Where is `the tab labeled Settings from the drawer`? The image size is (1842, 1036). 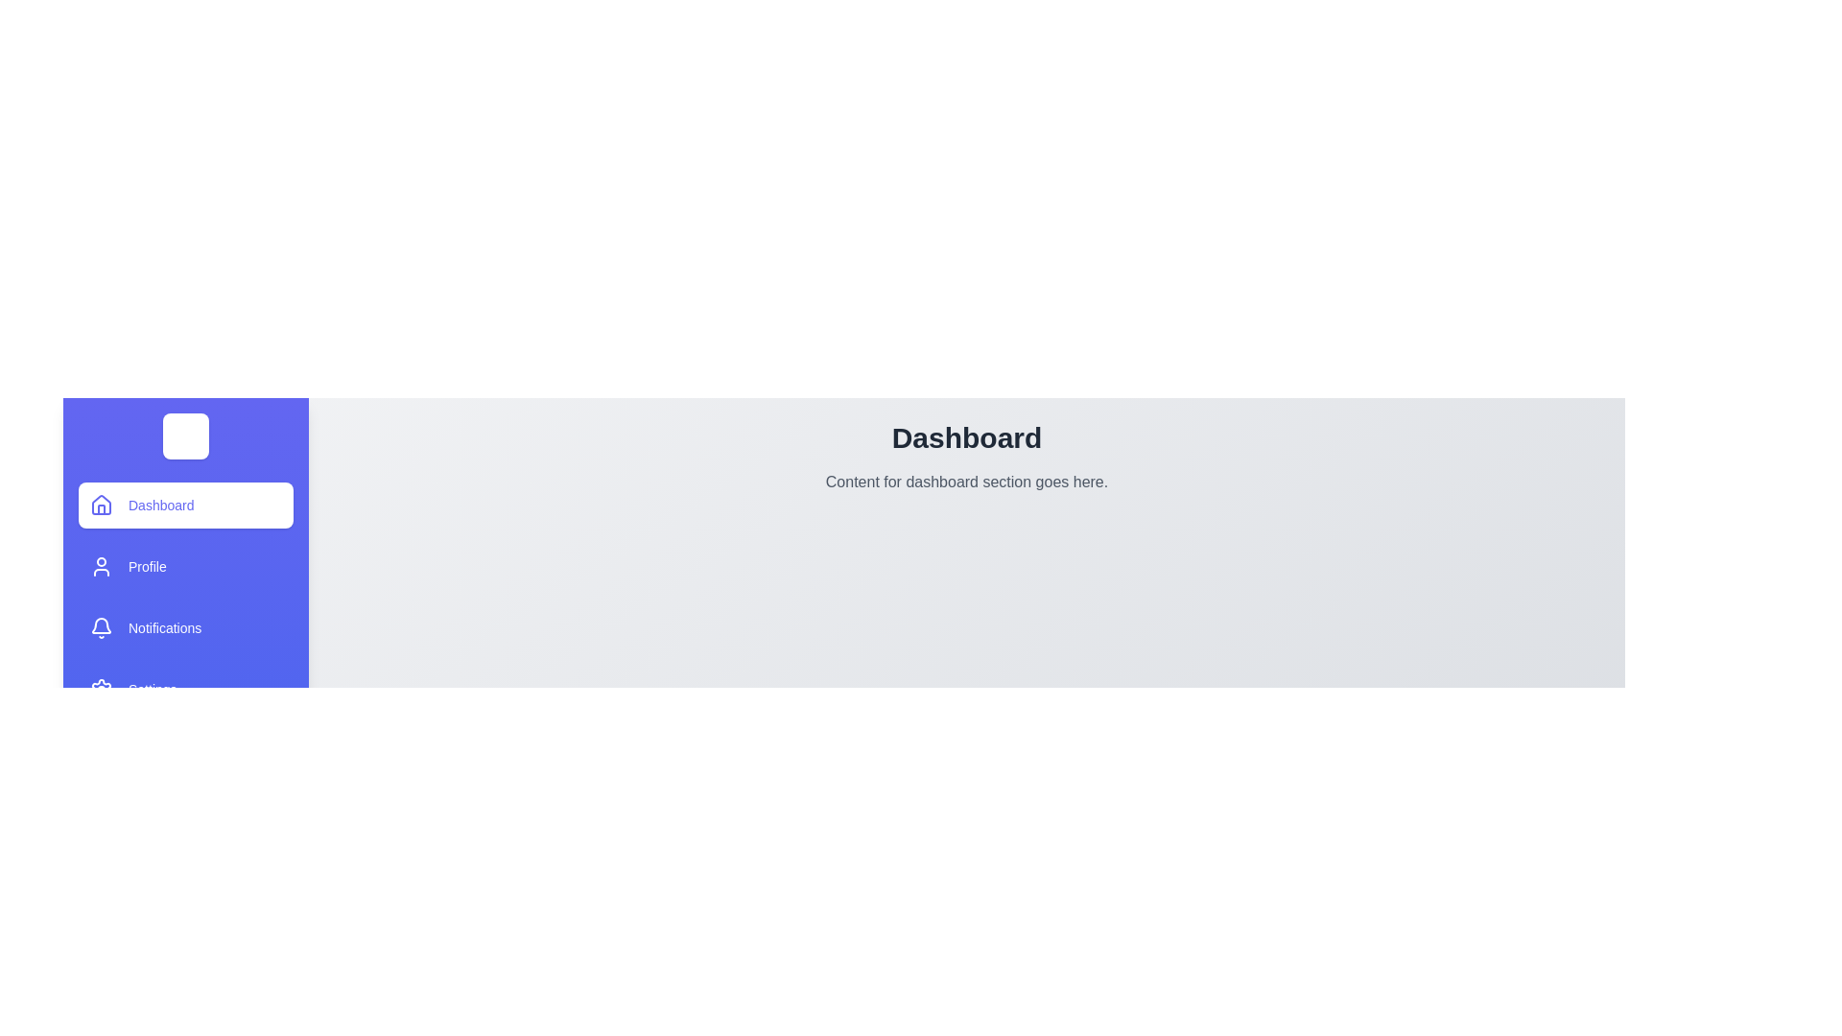
the tab labeled Settings from the drawer is located at coordinates (185, 688).